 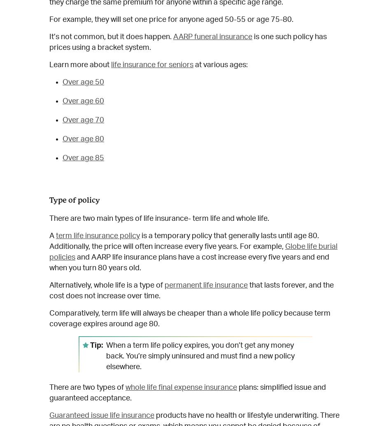 What do you see at coordinates (107, 285) in the screenshot?
I see `'Alternatively, whole life is a type of'` at bounding box center [107, 285].